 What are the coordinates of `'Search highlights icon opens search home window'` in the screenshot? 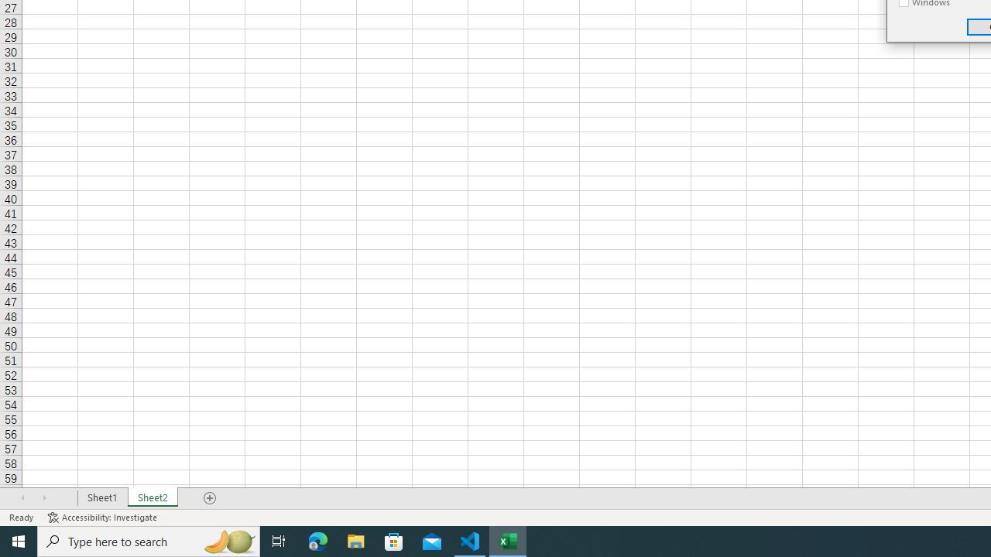 It's located at (228, 540).